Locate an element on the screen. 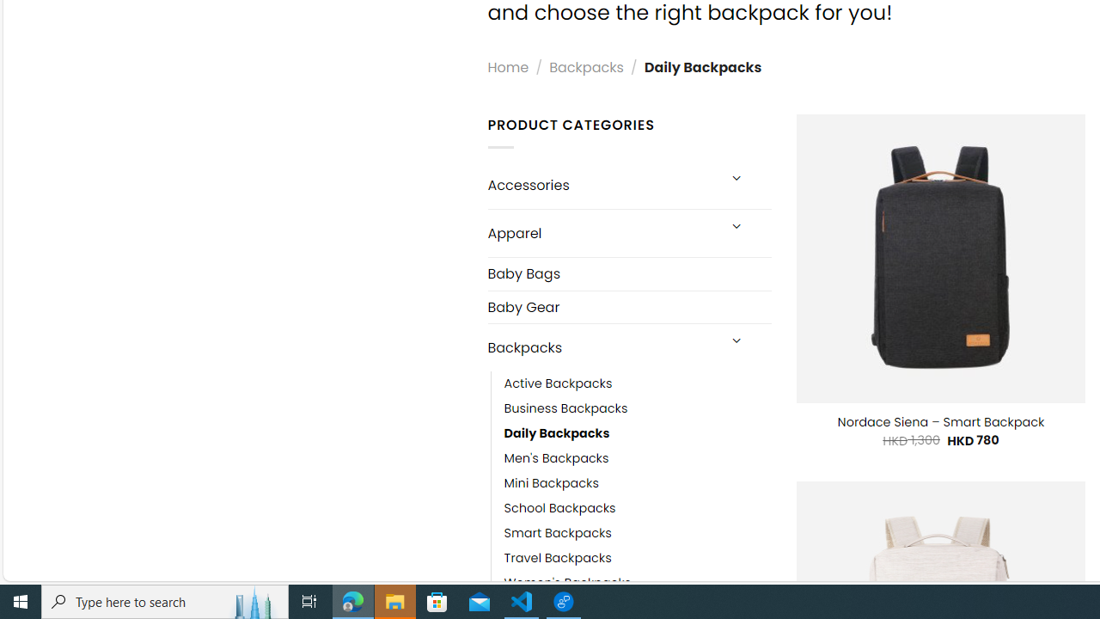  'Daily Backpacks' is located at coordinates (637, 433).